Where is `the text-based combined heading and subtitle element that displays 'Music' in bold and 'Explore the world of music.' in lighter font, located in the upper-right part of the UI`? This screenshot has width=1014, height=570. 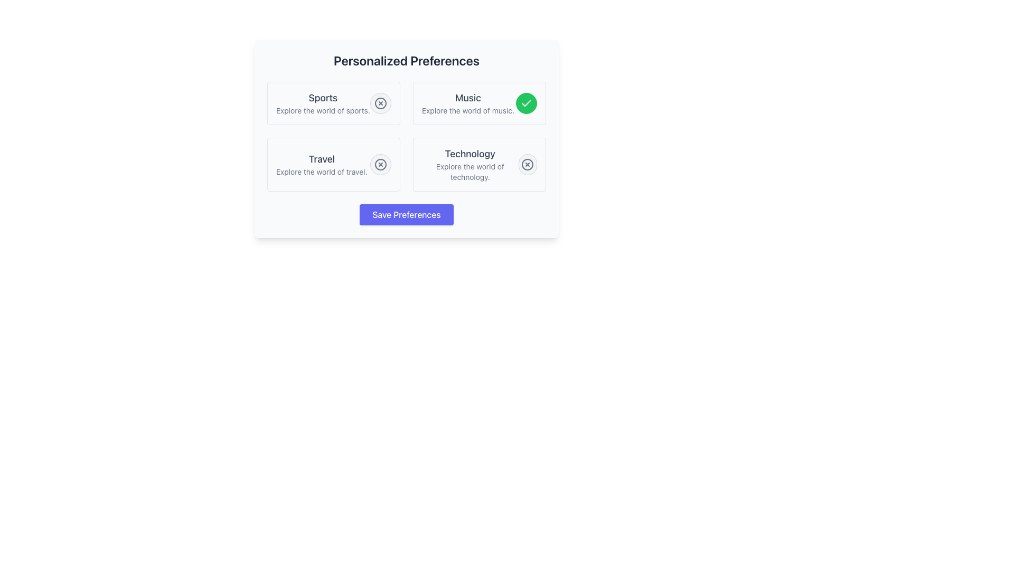
the text-based combined heading and subtitle element that displays 'Music' in bold and 'Explore the world of music.' in lighter font, located in the upper-right part of the UI is located at coordinates (467, 103).